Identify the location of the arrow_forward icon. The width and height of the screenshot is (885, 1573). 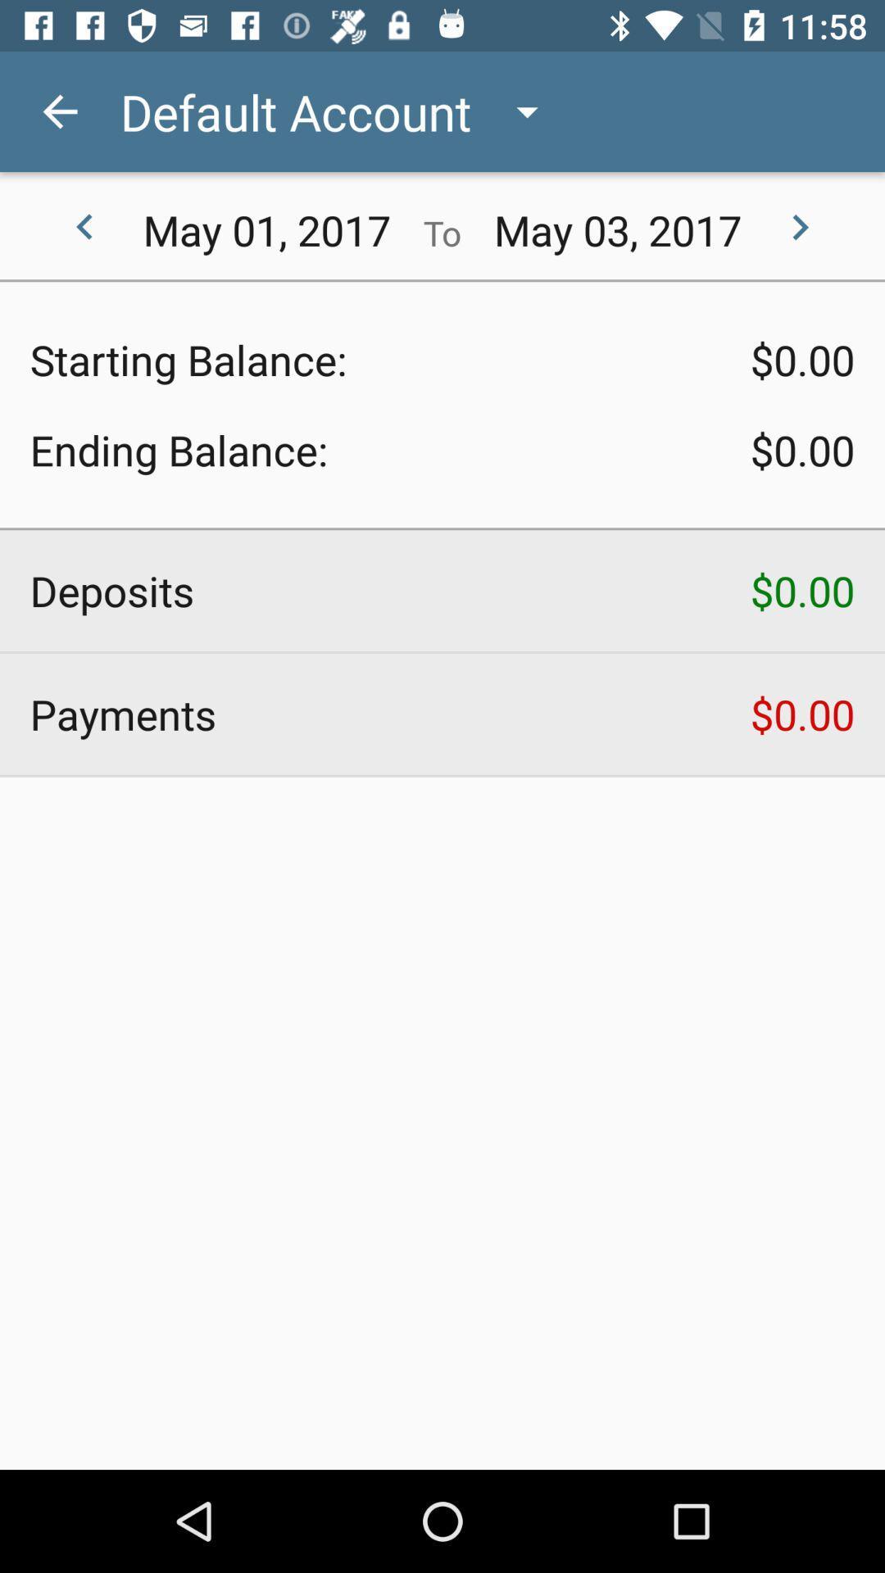
(799, 227).